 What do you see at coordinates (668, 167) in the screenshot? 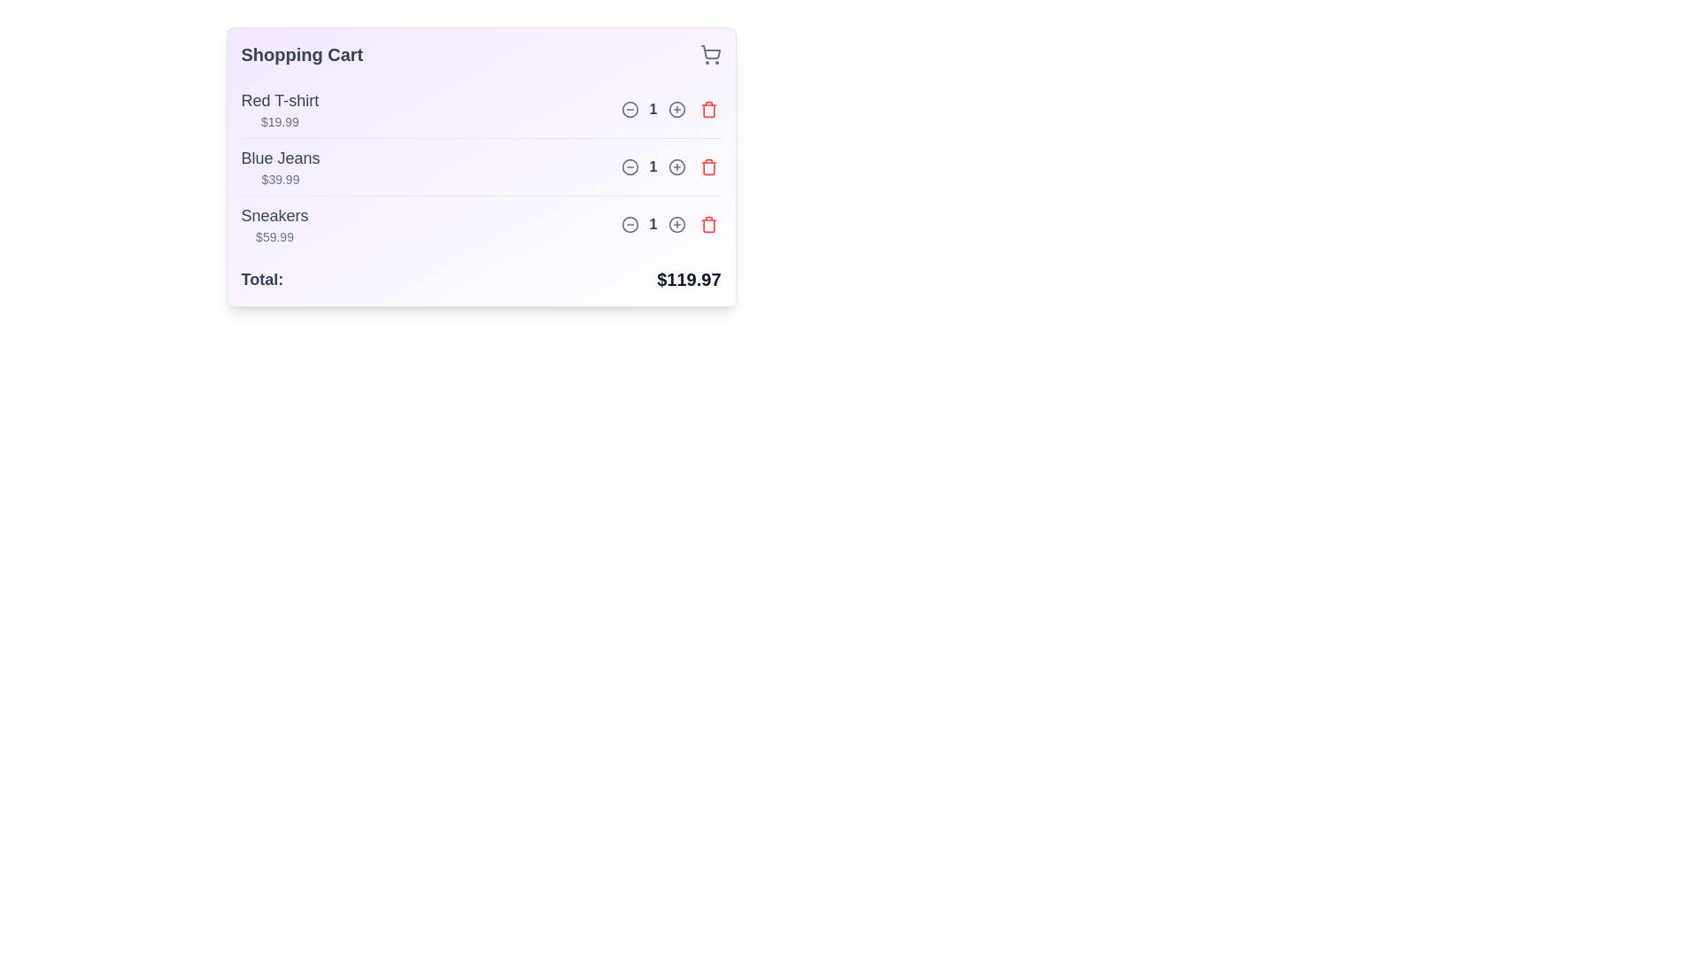
I see `the increment button for 'Blue Jeans' in the shopping cart interface` at bounding box center [668, 167].